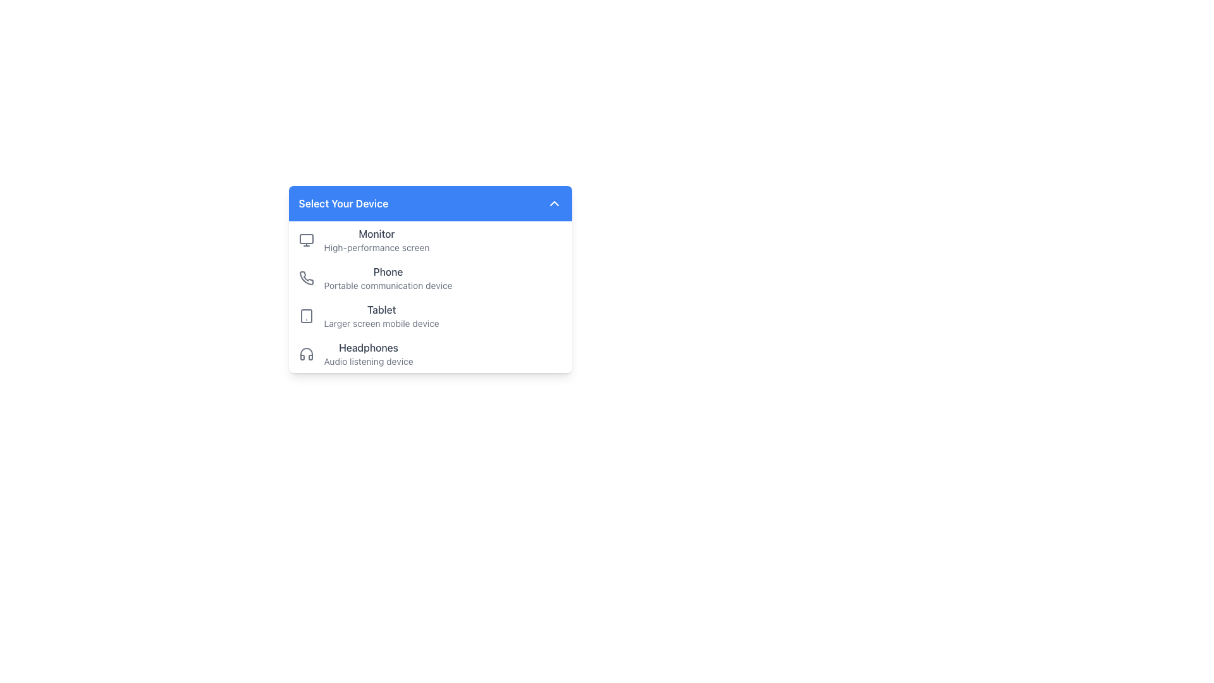 This screenshot has height=683, width=1214. Describe the element at coordinates (368, 354) in the screenshot. I see `text content of the 'Headphones' information display located in the fourth item of the dropdown menu, positioned below the 'Tablet' option` at that location.